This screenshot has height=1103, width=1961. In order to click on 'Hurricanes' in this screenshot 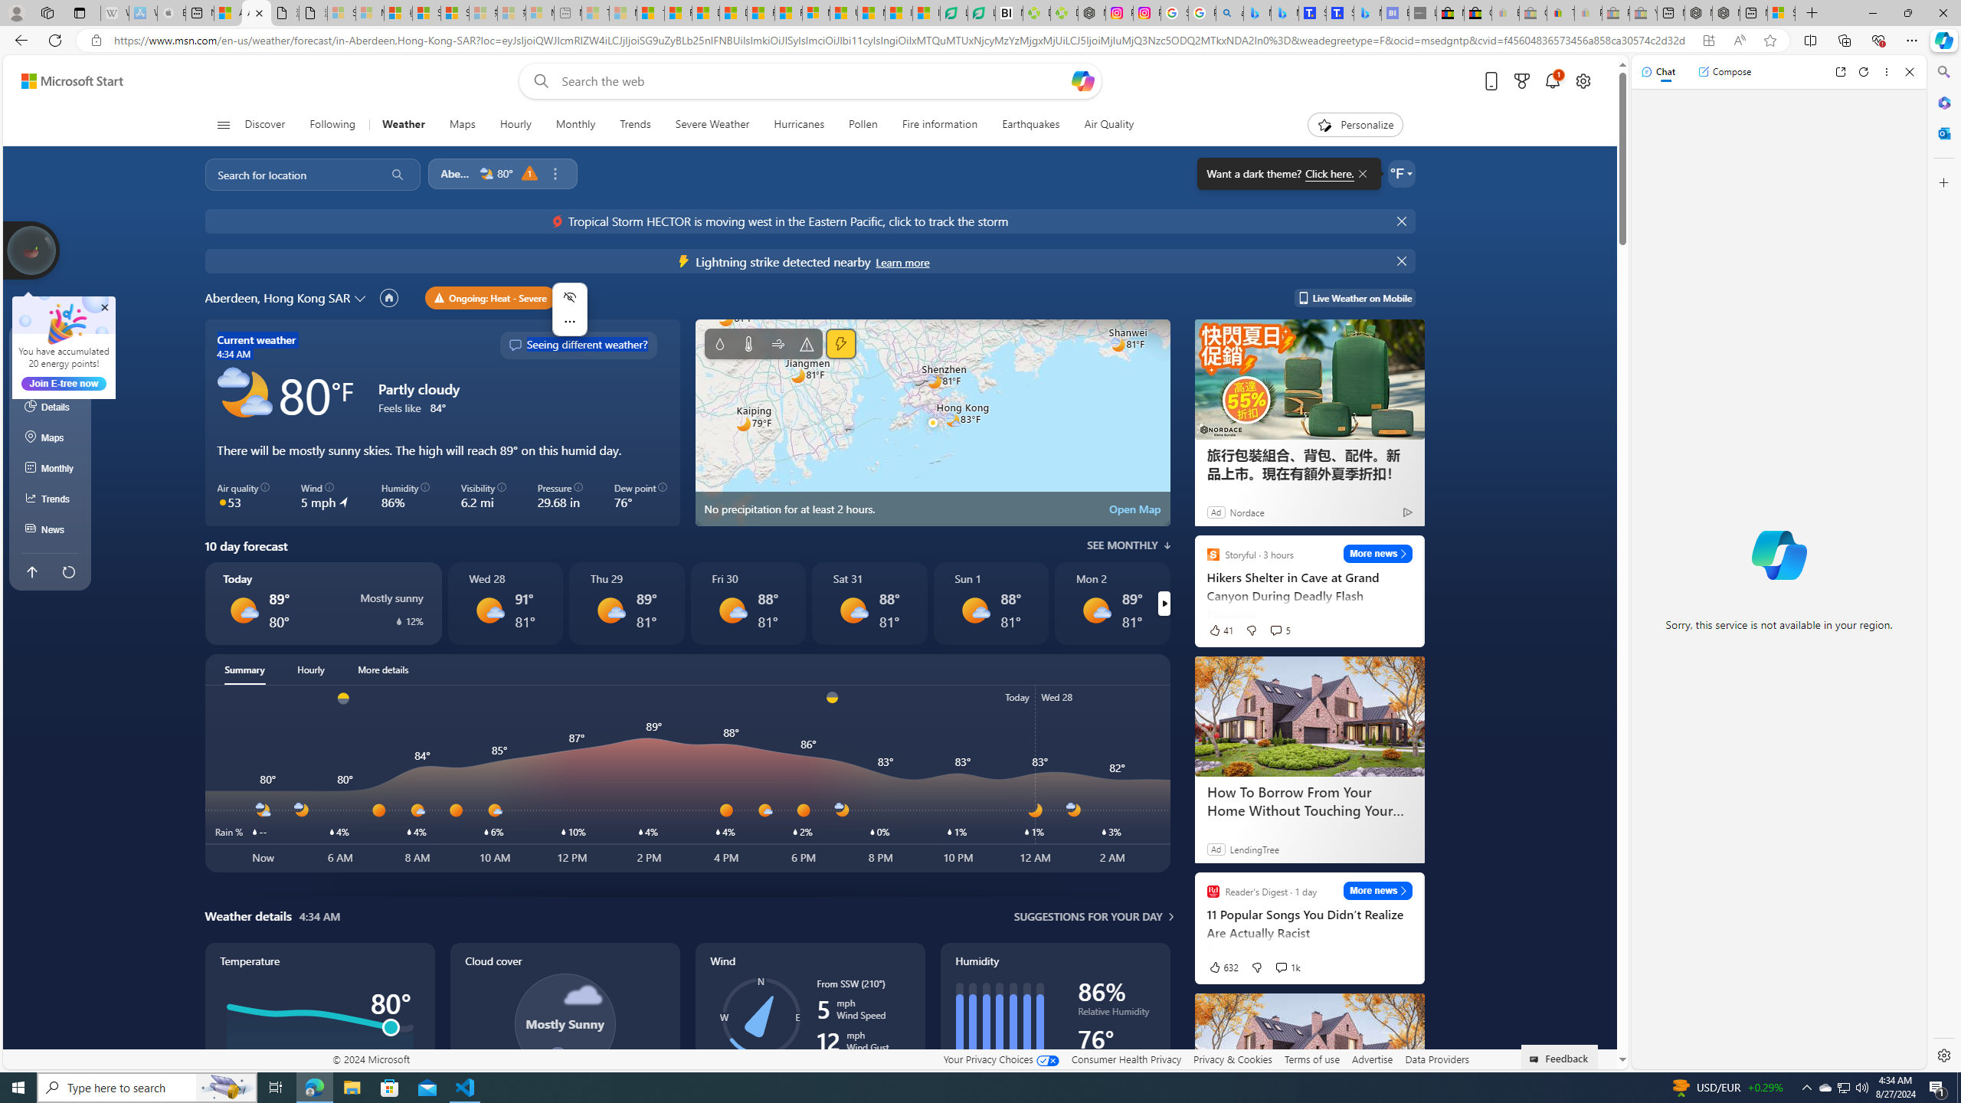, I will do `click(799, 124)`.